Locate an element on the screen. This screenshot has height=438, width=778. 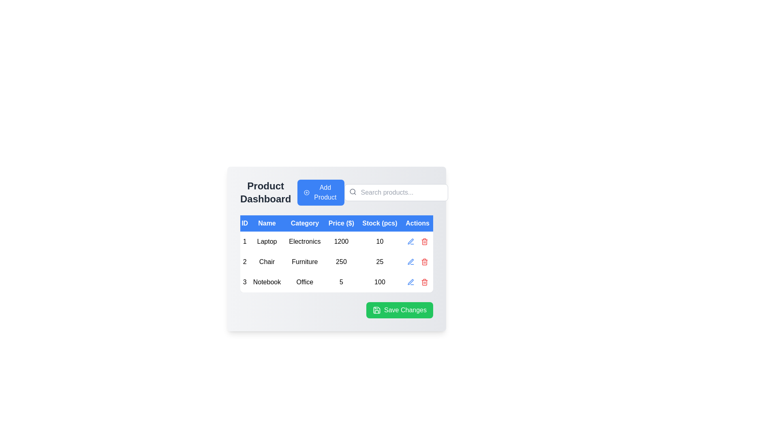
the static text label in the third row of the table that uniquely identifies the ID 3 of the associated data is located at coordinates (244, 281).